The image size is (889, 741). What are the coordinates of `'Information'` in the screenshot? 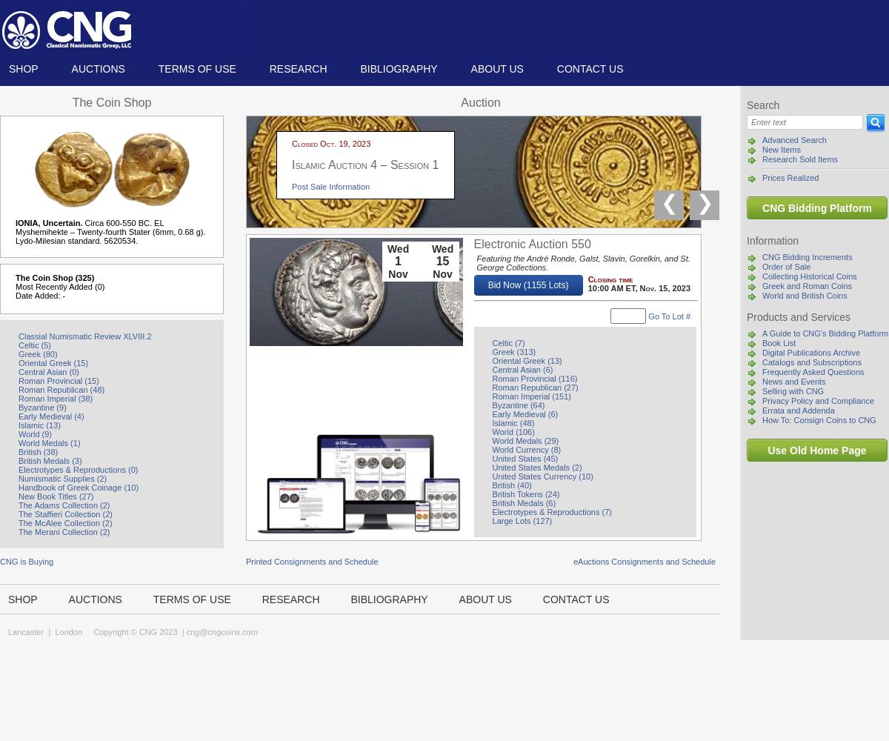 It's located at (773, 240).